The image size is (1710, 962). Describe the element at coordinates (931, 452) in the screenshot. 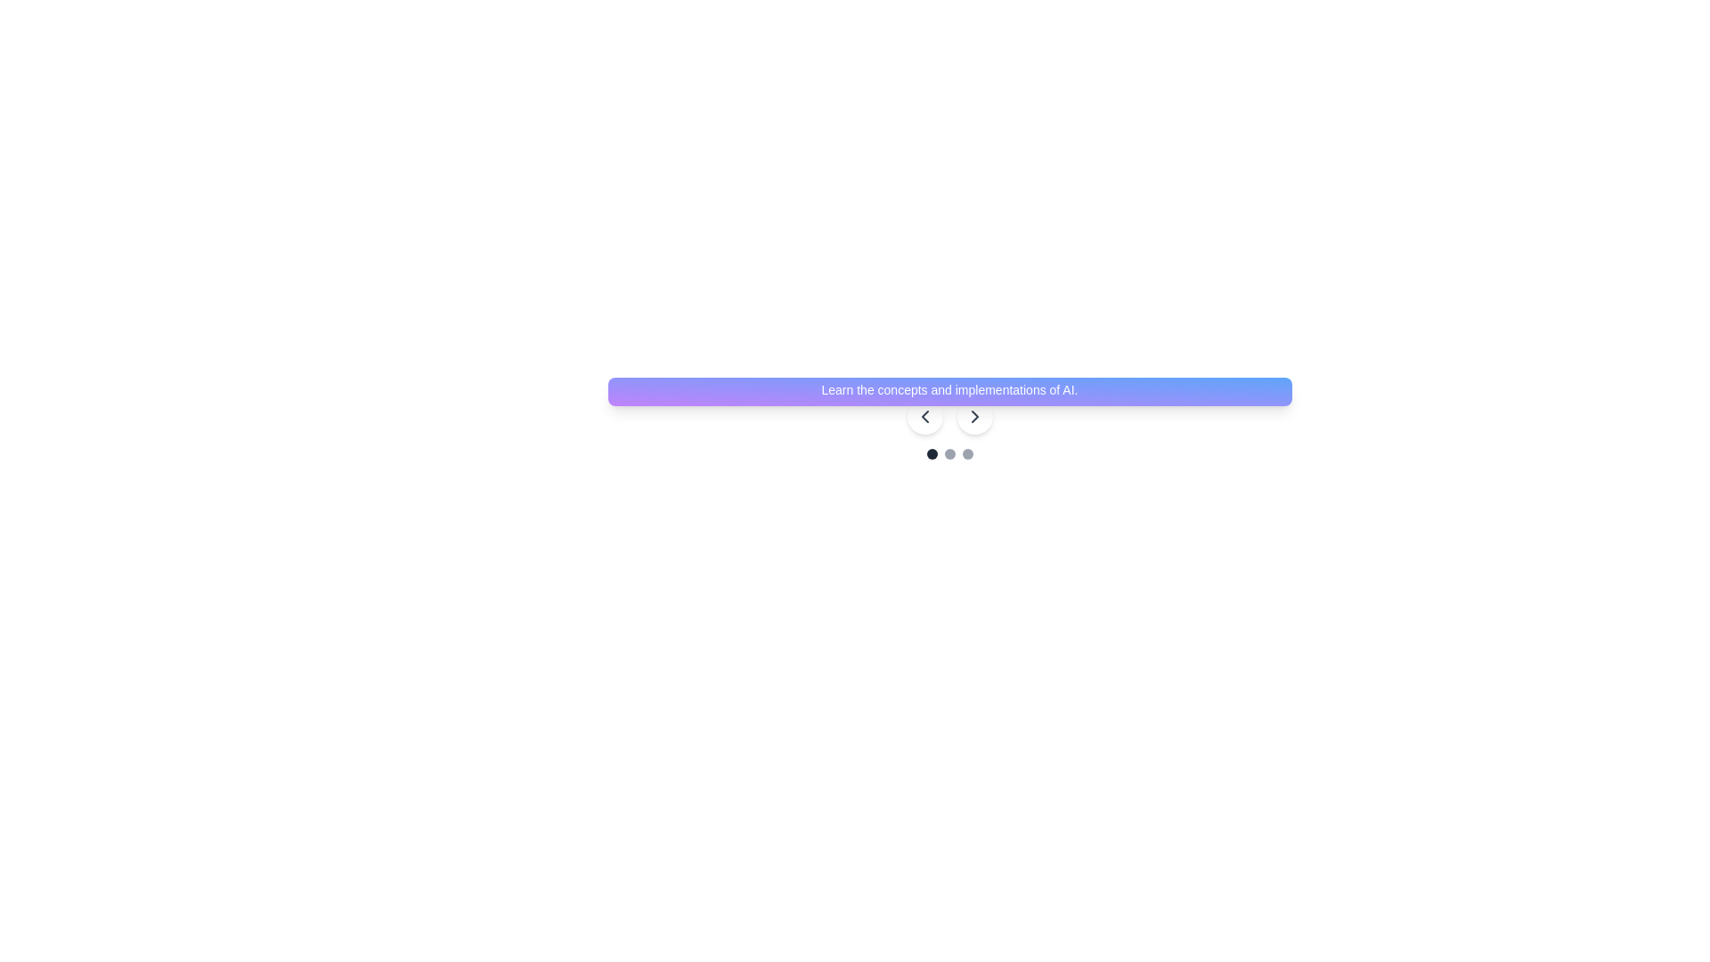

I see `the first circular navigation indicator located below the text banner 'Learn the concepts and implementations of AI.' to trigger a visual effect` at that location.